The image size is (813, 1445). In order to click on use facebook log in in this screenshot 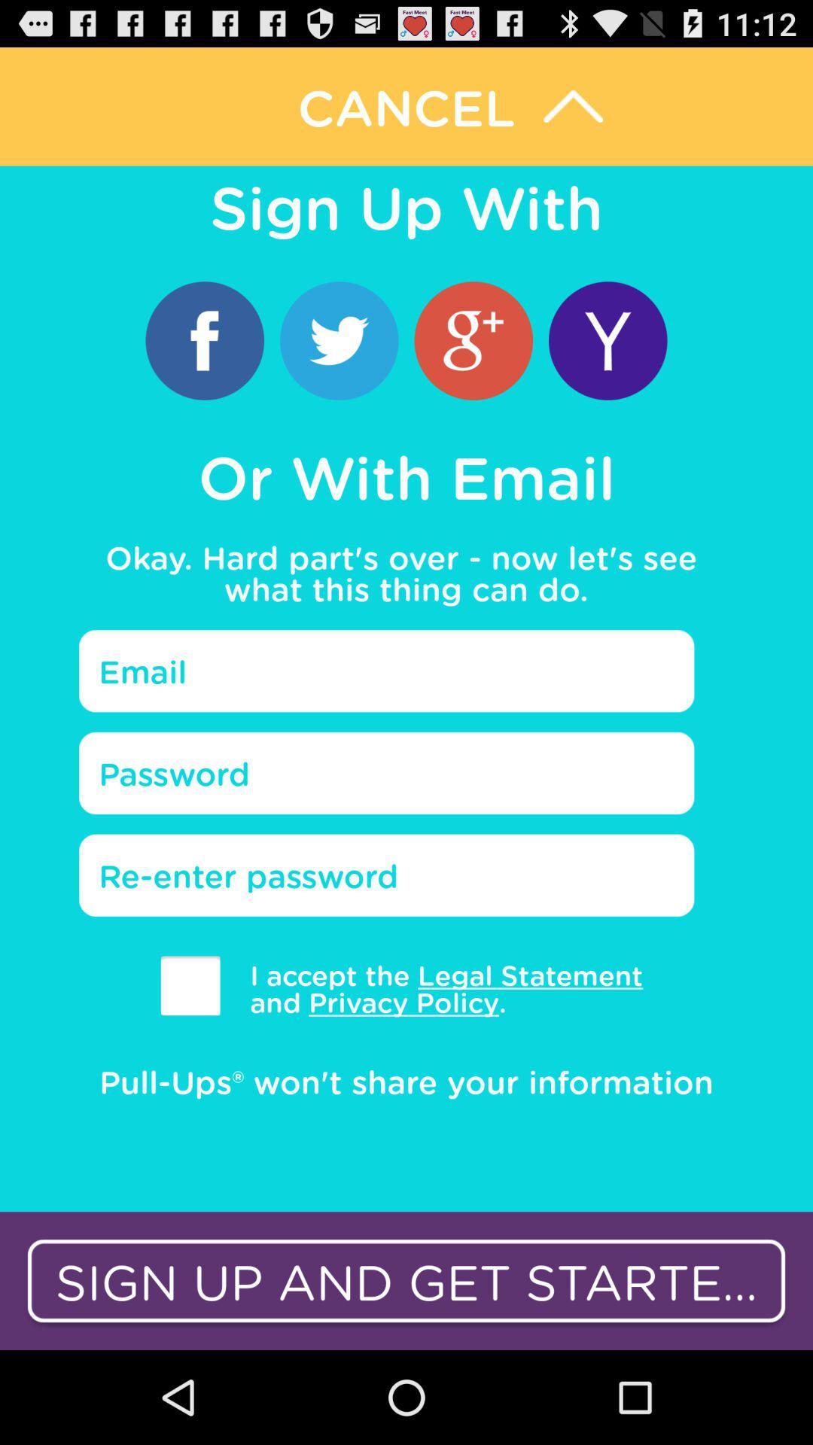, I will do `click(205, 339)`.